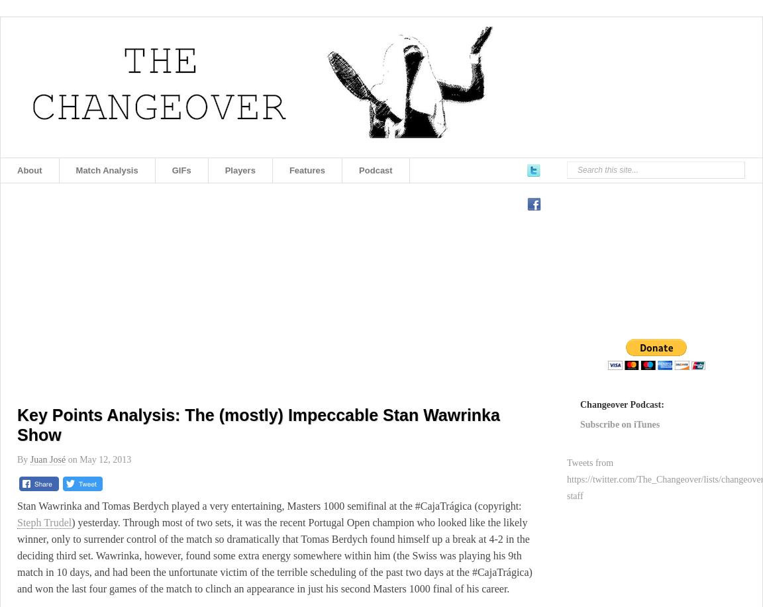 Image resolution: width=763 pixels, height=607 pixels. I want to click on 'May 12, 2013', so click(105, 459).